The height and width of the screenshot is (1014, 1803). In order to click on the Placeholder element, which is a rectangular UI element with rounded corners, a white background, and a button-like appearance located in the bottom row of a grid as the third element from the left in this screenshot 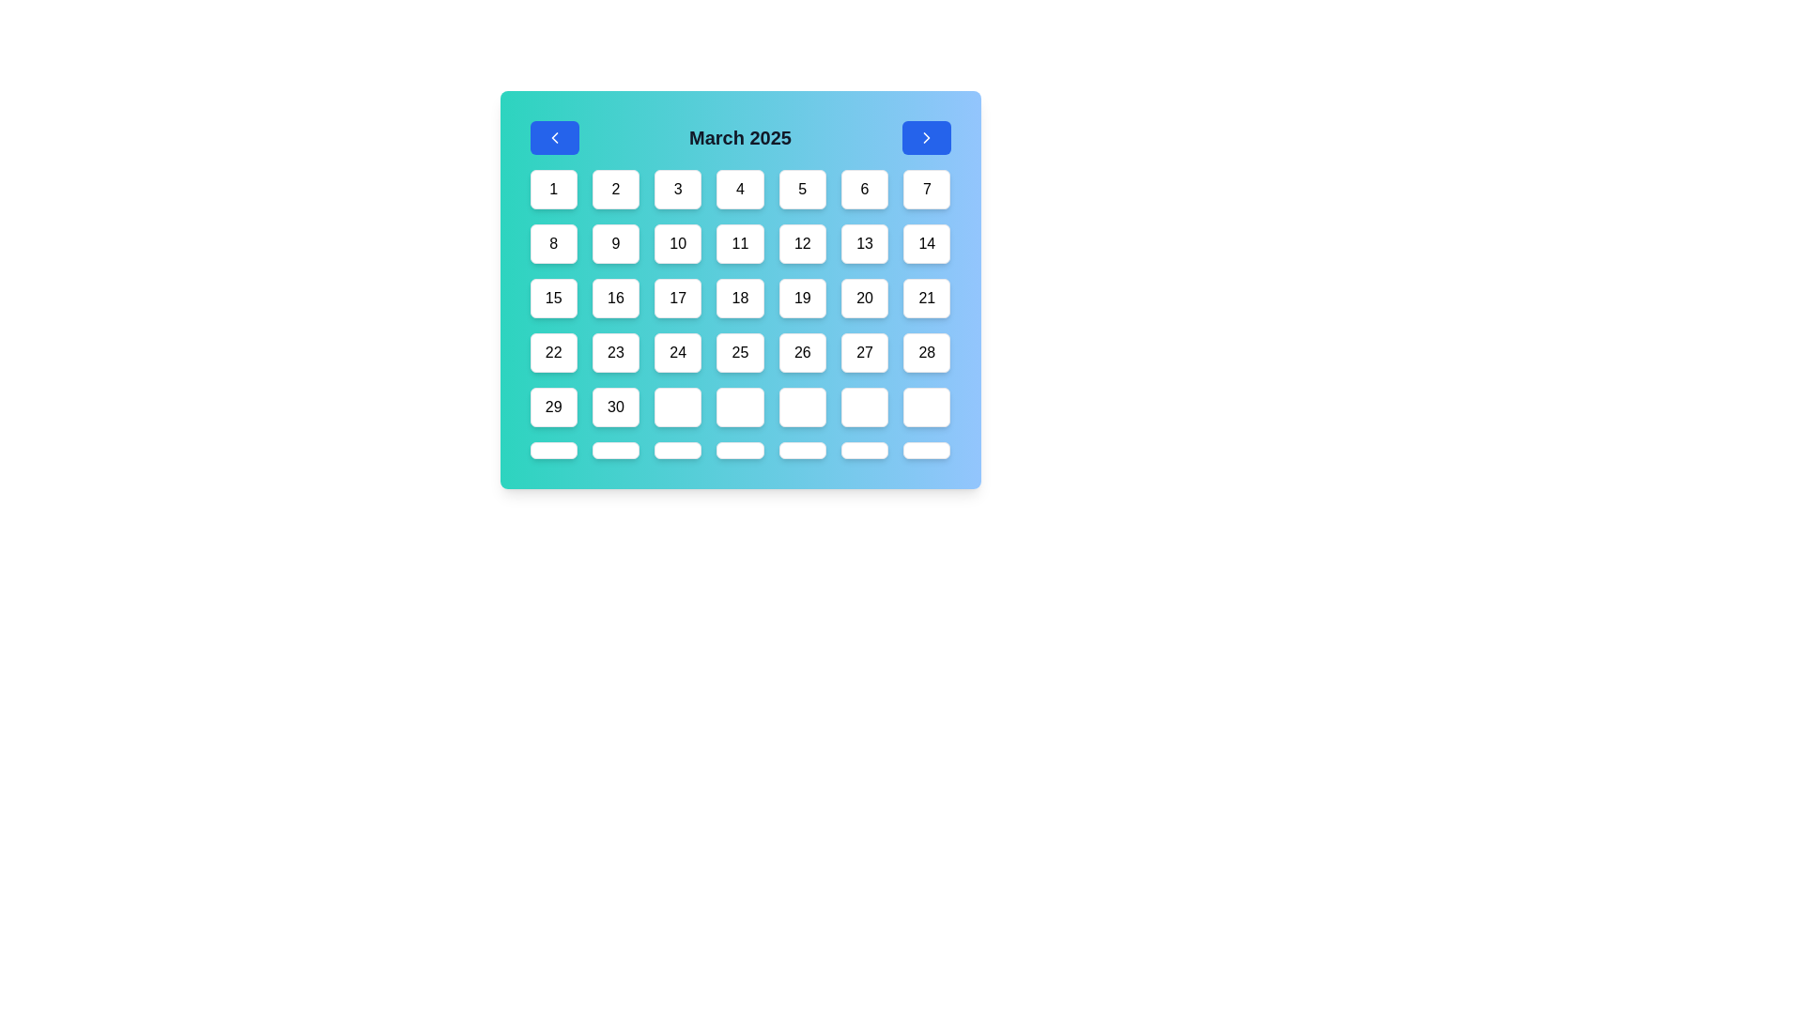, I will do `click(677, 450)`.